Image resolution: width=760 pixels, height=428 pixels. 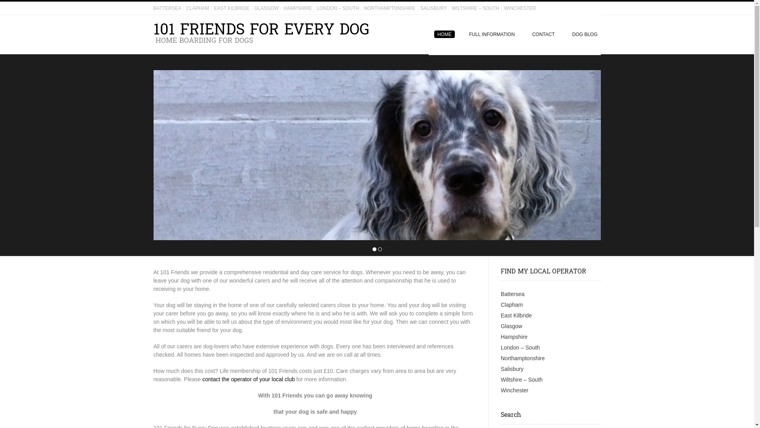 I want to click on 'CONTACT', so click(x=543, y=34).